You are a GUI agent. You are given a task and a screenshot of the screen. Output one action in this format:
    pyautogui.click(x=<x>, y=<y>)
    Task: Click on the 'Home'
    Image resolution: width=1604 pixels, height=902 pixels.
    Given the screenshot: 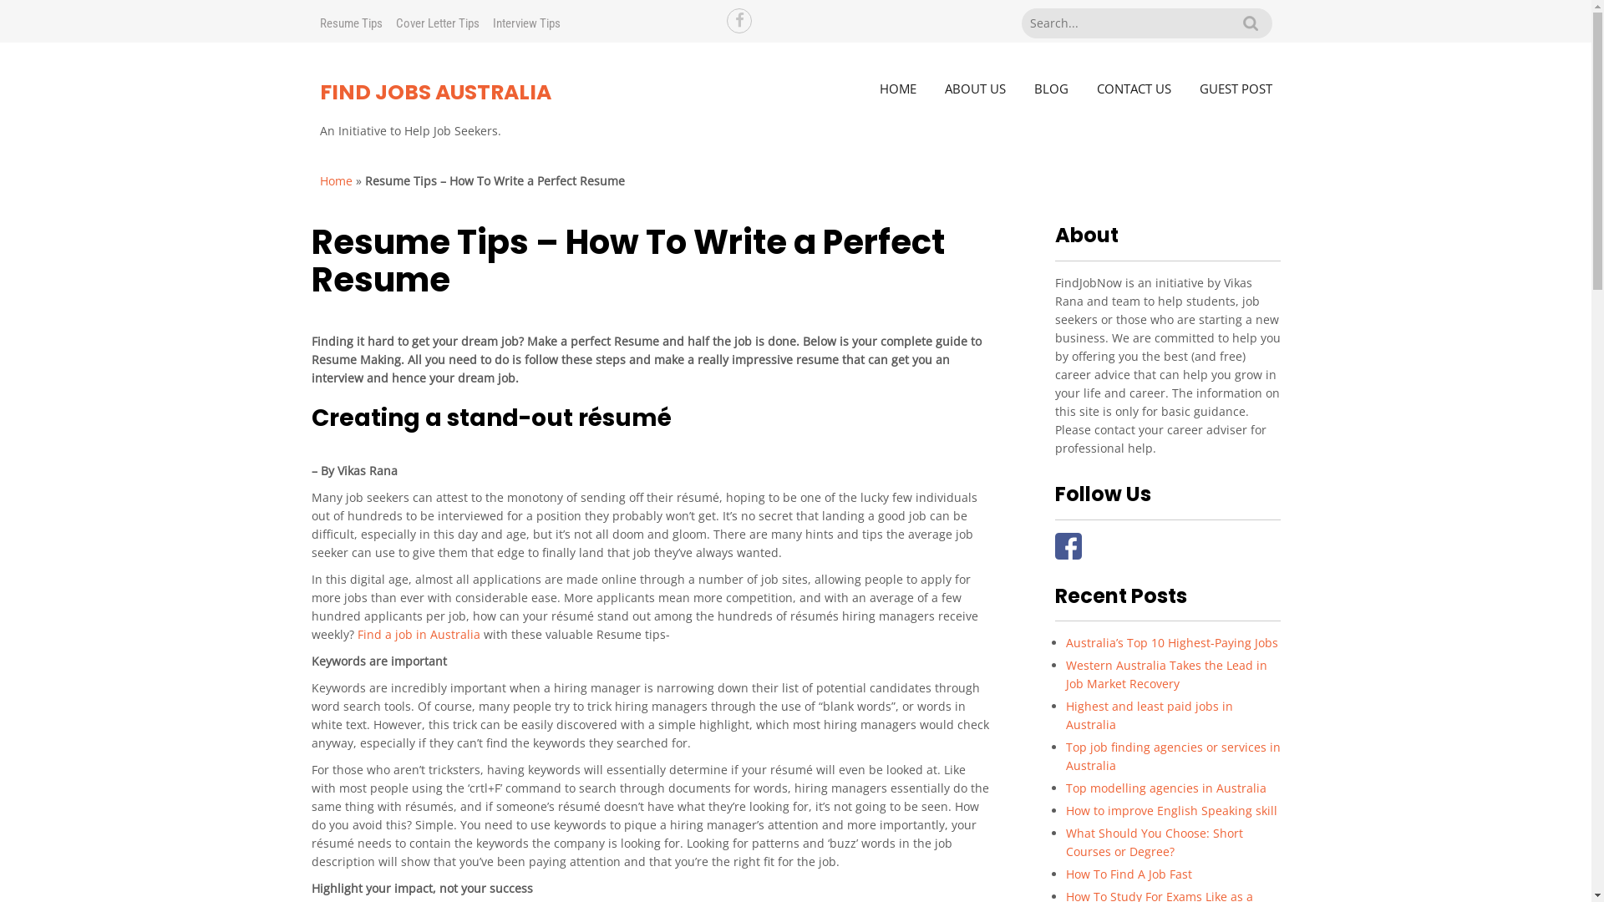 What is the action you would take?
    pyautogui.click(x=334, y=180)
    